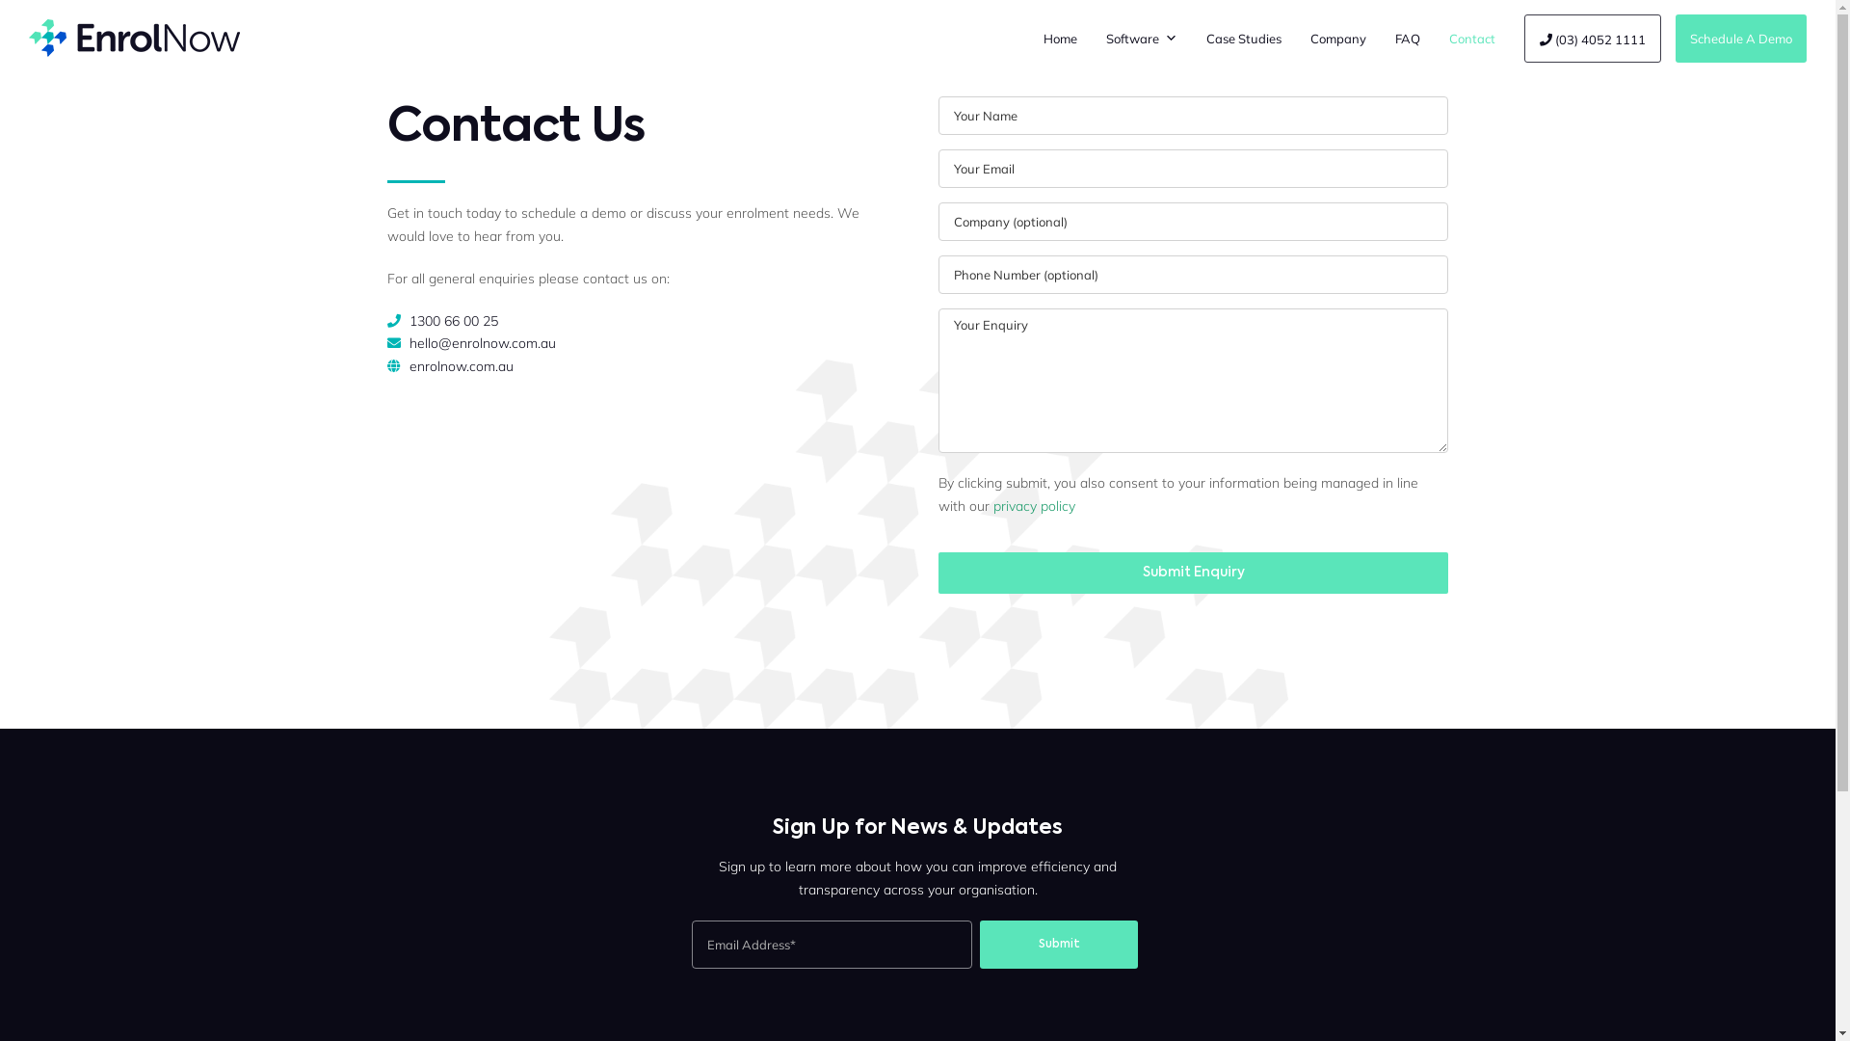  Describe the element at coordinates (1142, 38) in the screenshot. I see `'Software'` at that location.